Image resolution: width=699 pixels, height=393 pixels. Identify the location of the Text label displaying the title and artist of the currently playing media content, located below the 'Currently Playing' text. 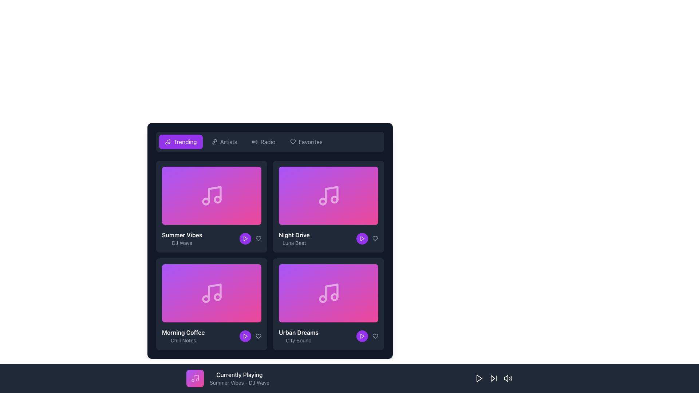
(239, 382).